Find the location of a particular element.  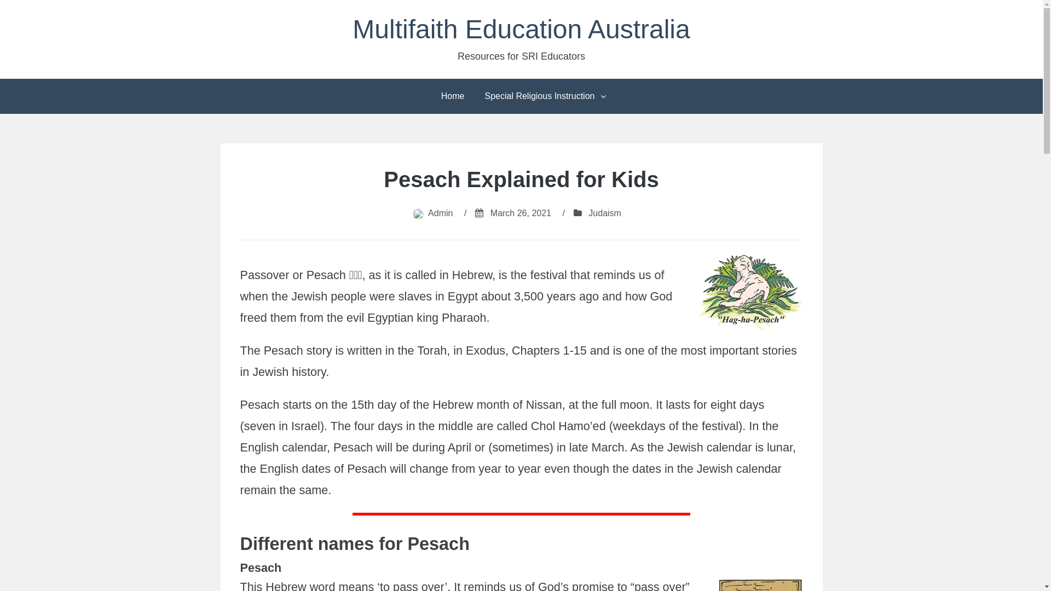

'Admin' is located at coordinates (440, 213).